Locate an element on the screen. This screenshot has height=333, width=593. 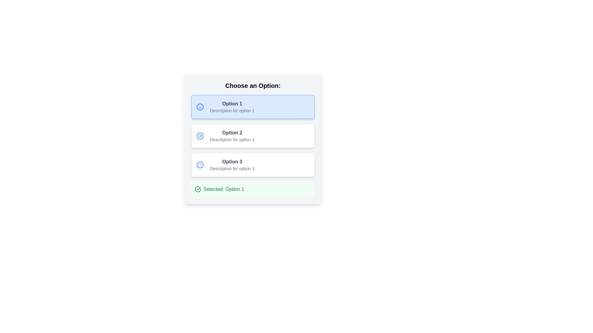
the selectable option titled 'Option 1' within the bluish rectangular card in the first position of the vertically aligned list is located at coordinates (232, 107).